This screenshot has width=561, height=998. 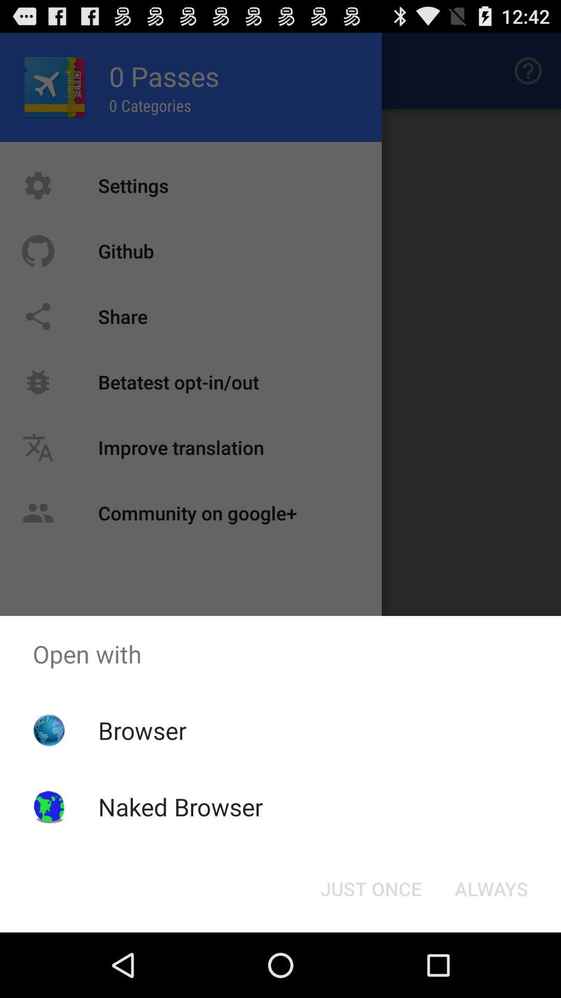 I want to click on button next to the always button, so click(x=370, y=888).